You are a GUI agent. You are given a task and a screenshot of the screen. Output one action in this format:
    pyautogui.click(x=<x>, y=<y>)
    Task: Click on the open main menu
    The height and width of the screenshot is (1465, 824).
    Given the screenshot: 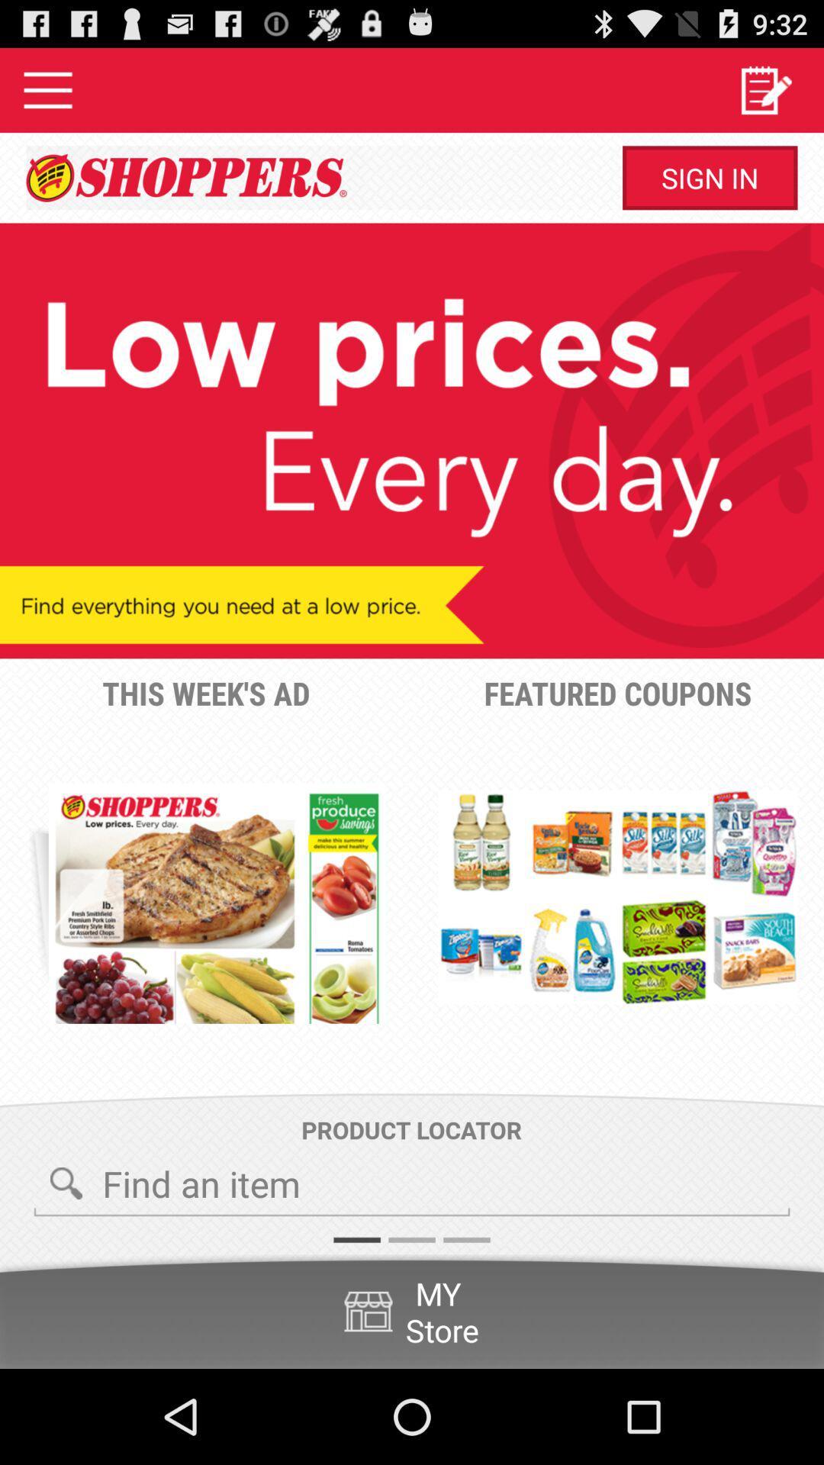 What is the action you would take?
    pyautogui.click(x=47, y=89)
    